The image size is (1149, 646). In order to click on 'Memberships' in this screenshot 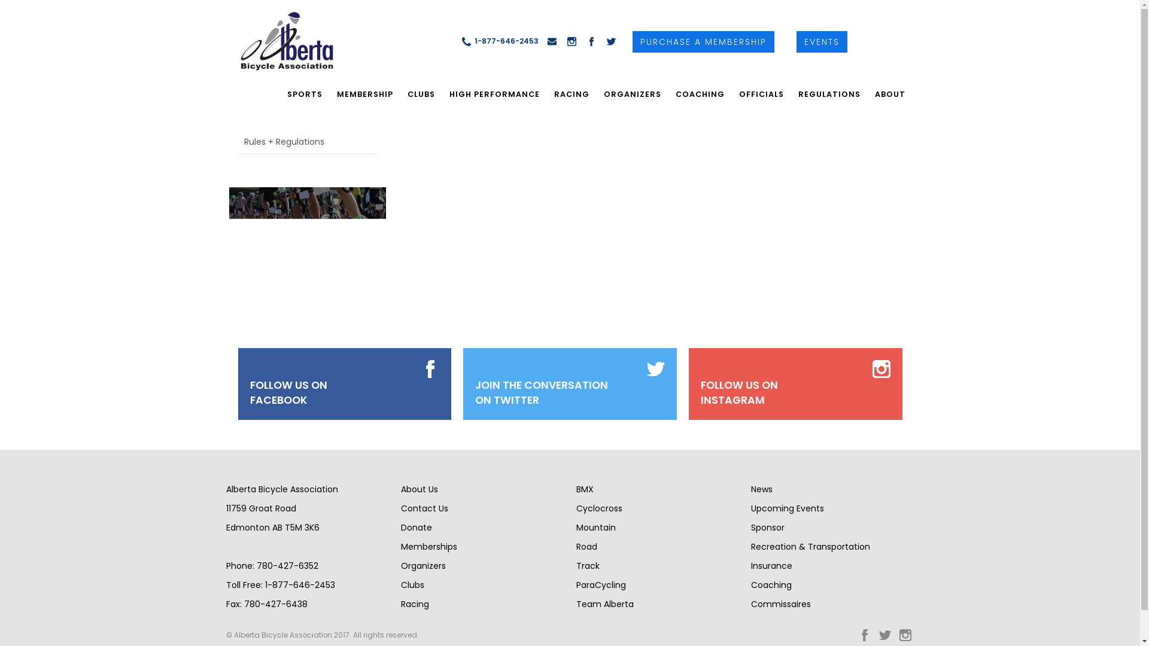, I will do `click(428, 547)`.